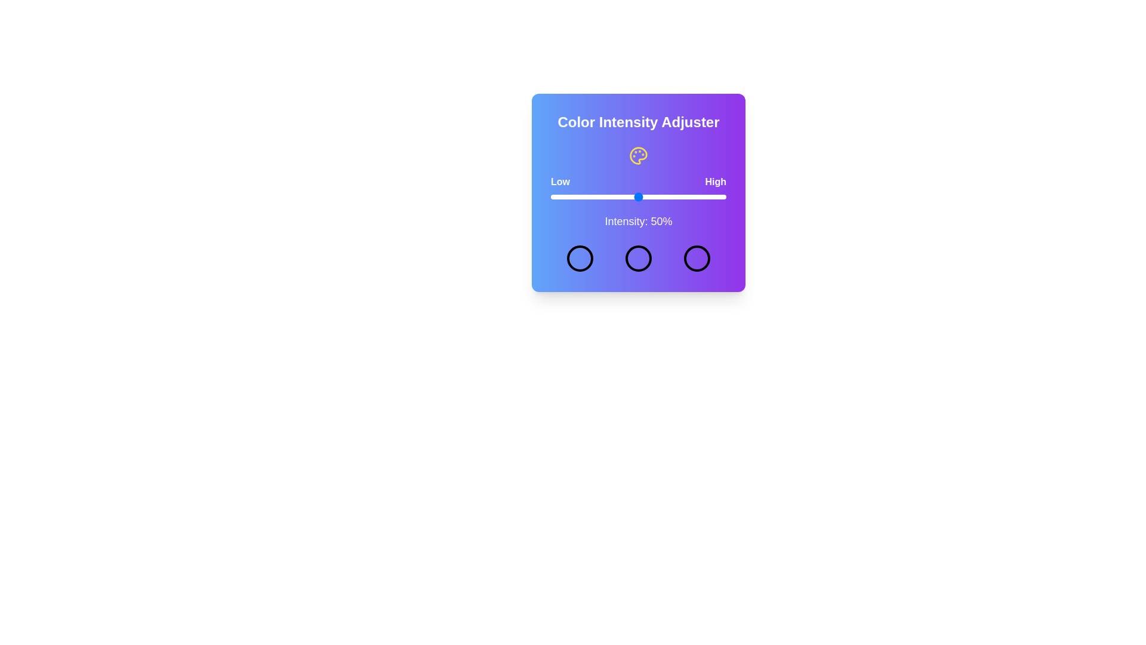 The image size is (1146, 645). Describe the element at coordinates (638, 196) in the screenshot. I see `the slider to set the intensity to 50%` at that location.